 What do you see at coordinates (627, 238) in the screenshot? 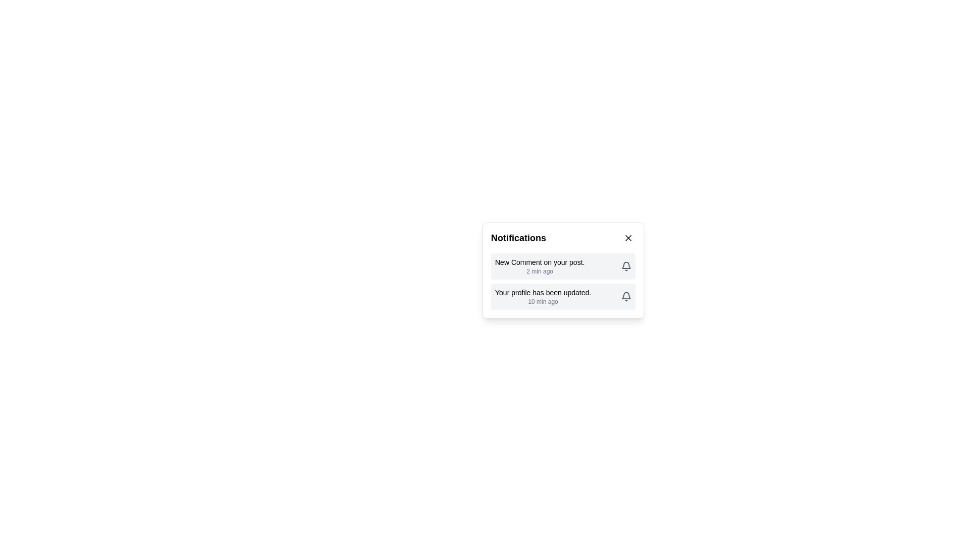
I see `the close button located in the top-right corner of the 'Notifications' section` at bounding box center [627, 238].